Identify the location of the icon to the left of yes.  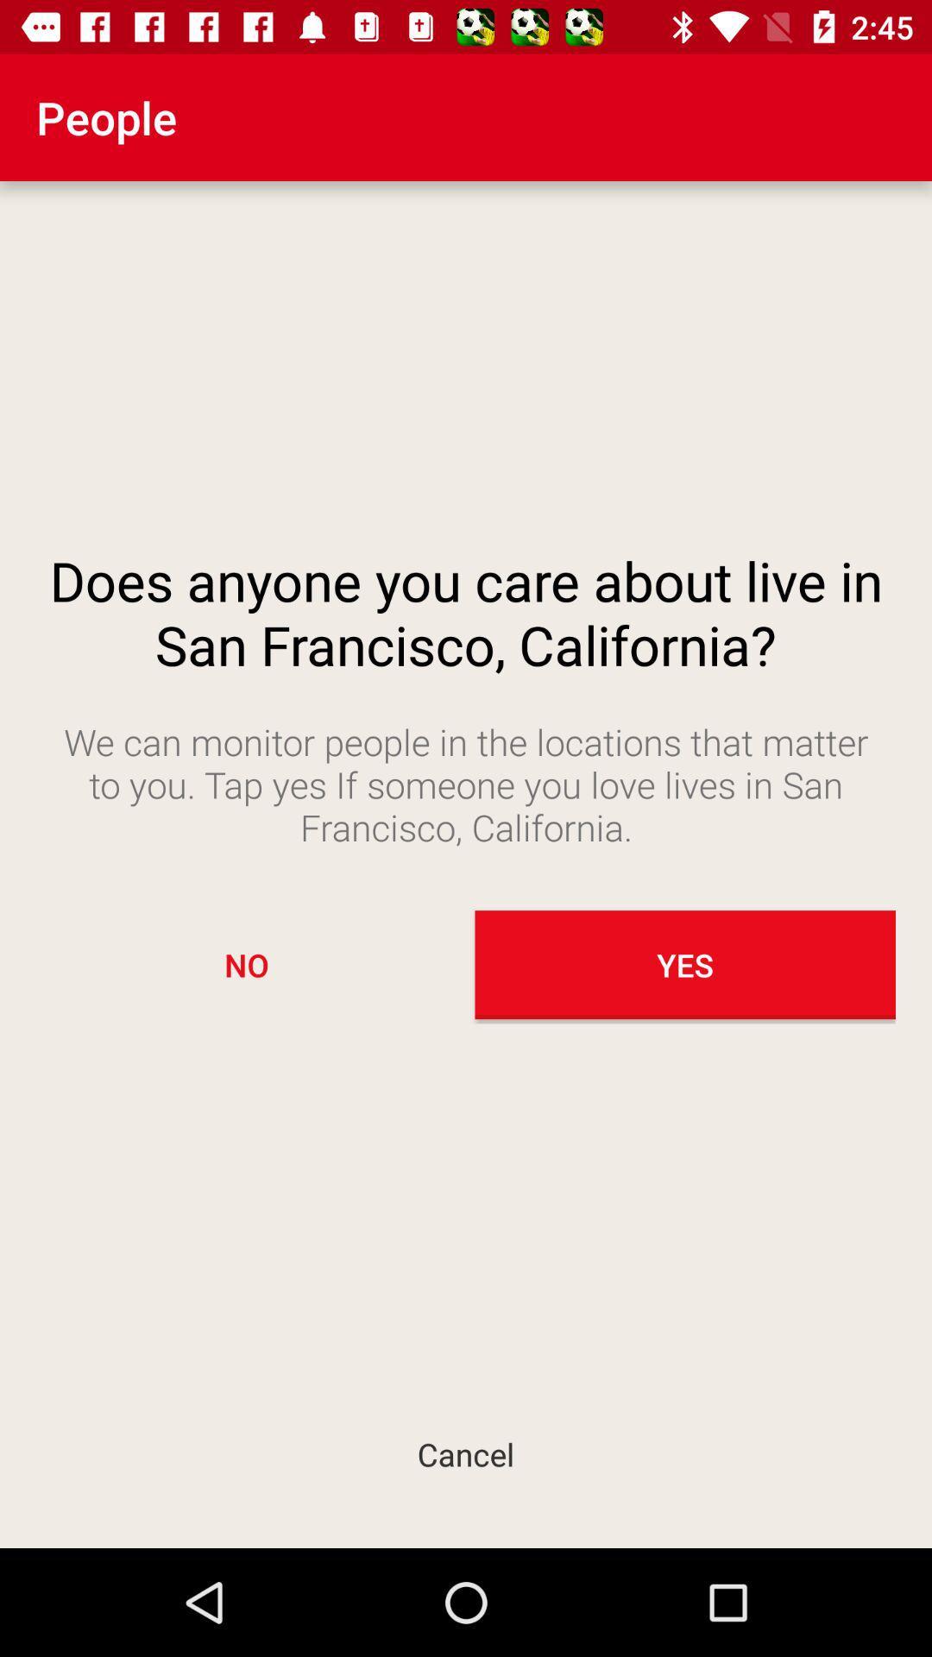
(246, 964).